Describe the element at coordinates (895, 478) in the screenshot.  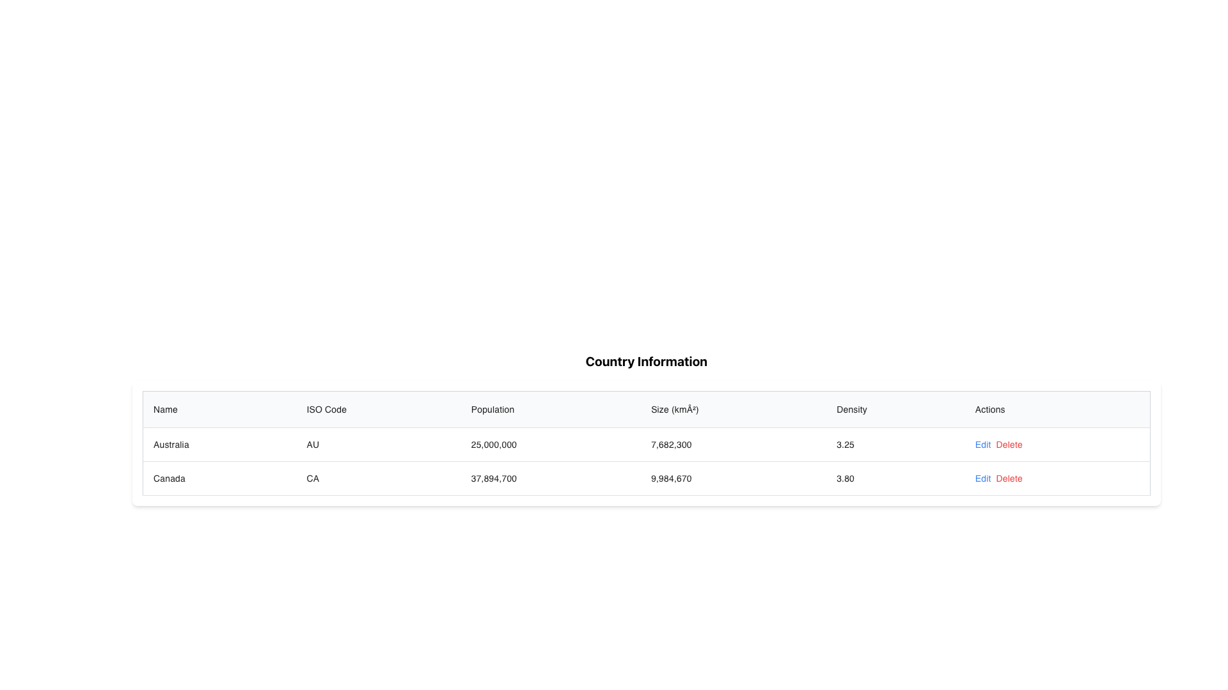
I see `the table cell representing the density metric for Canada` at that location.